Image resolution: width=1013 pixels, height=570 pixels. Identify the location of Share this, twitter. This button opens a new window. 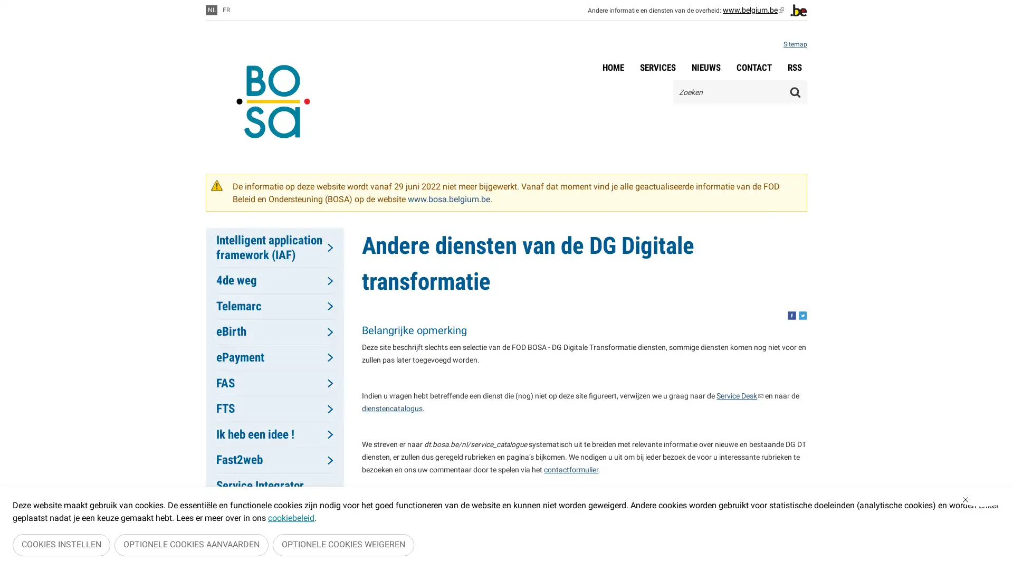
(802, 315).